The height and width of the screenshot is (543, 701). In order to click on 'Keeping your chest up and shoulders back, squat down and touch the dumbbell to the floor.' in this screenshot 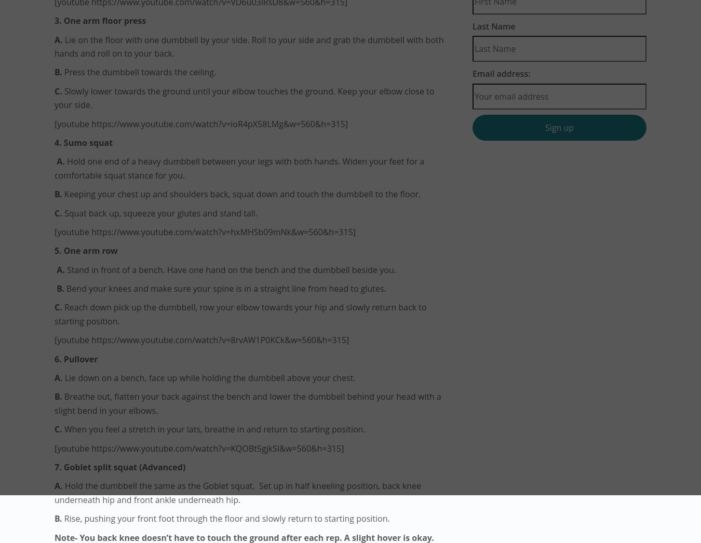, I will do `click(241, 194)`.